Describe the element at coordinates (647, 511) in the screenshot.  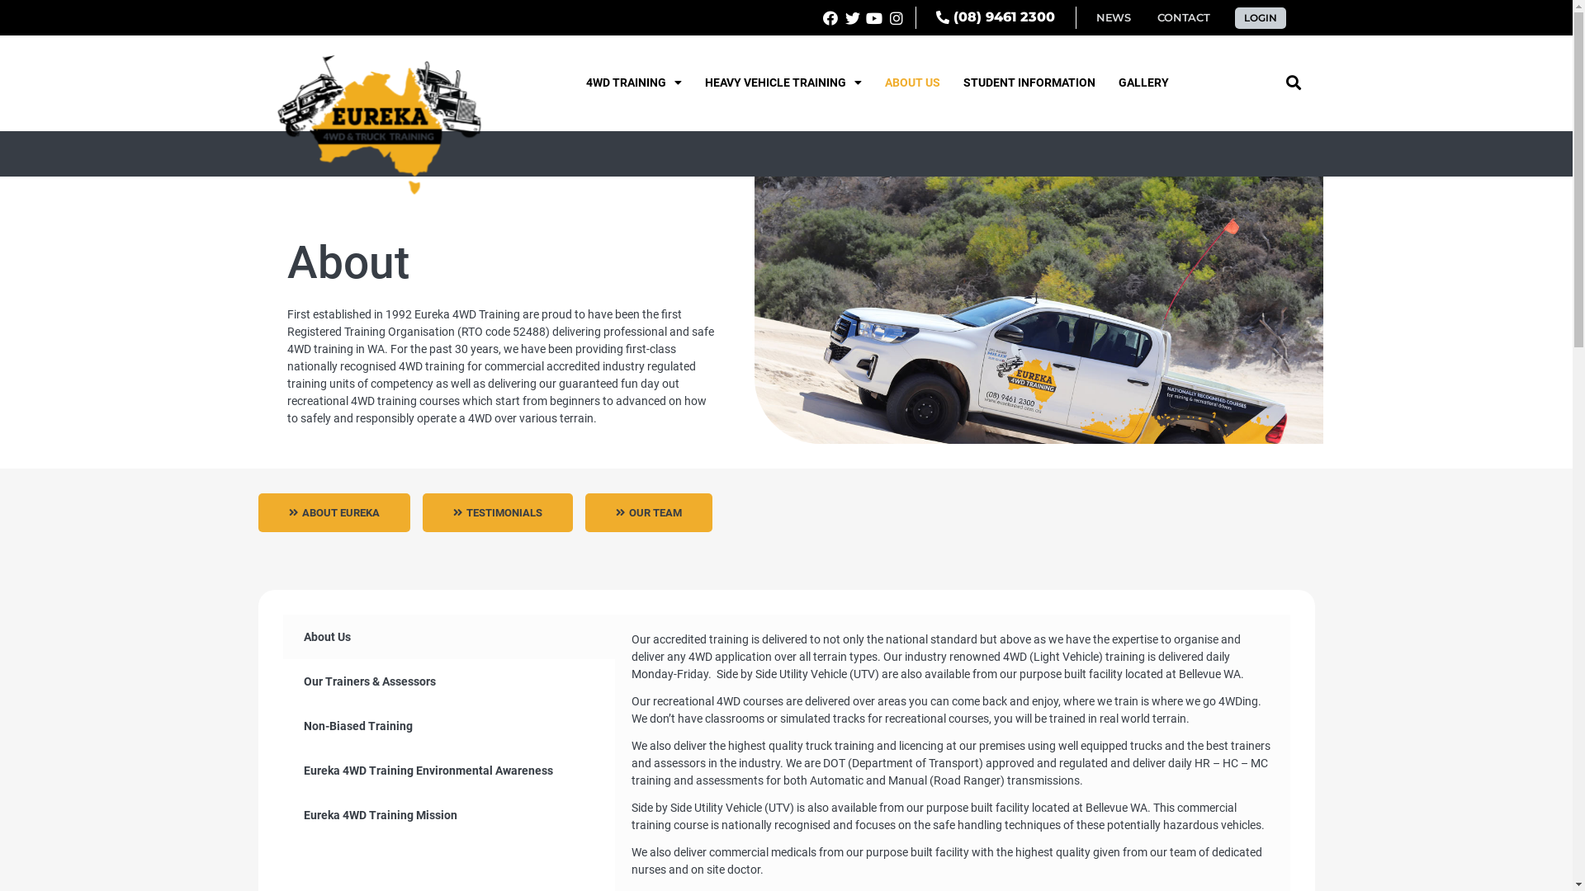
I see `'OUR TEAM'` at that location.